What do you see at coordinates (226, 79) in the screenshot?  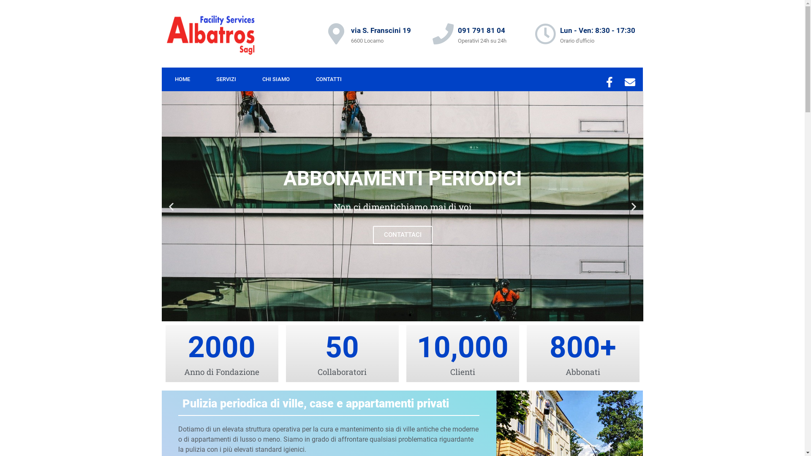 I see `'SERVIZI'` at bounding box center [226, 79].